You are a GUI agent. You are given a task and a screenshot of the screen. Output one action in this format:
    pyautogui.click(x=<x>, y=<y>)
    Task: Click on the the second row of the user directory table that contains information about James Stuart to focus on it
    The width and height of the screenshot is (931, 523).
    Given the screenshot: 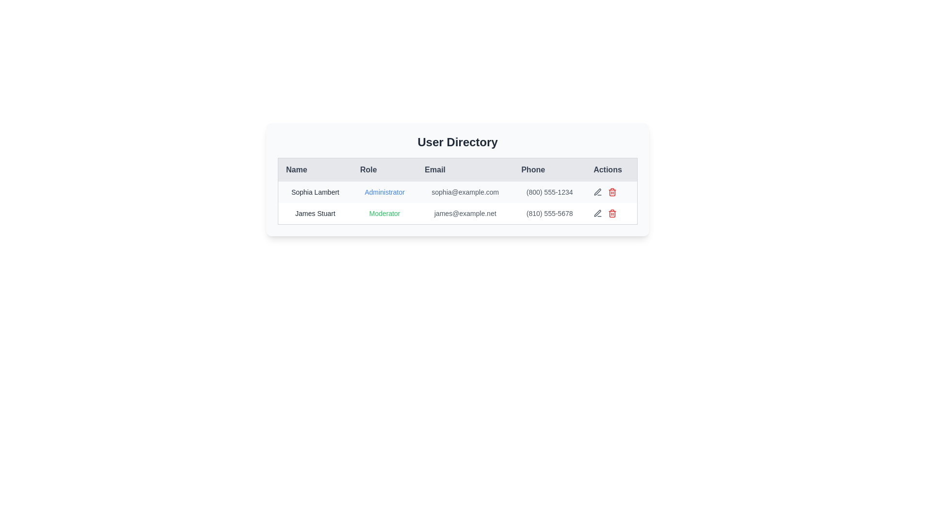 What is the action you would take?
    pyautogui.click(x=457, y=213)
    